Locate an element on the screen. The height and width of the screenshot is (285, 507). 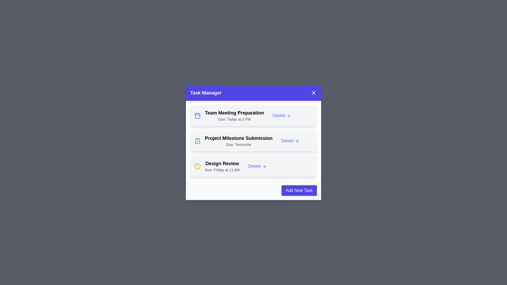
the rightwards pointing arrow icon that is part of the SVG graphic located next to the 'Details' text for the 'Team Meeting Preparation' task is located at coordinates (289, 115).